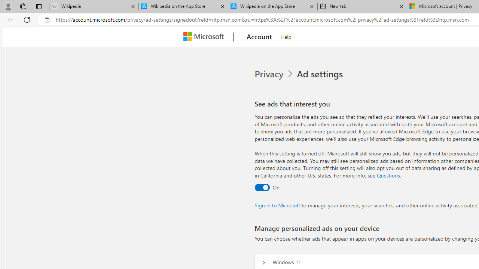 The width and height of the screenshot is (479, 269). Describe the element at coordinates (286, 36) in the screenshot. I see `'Help'` at that location.